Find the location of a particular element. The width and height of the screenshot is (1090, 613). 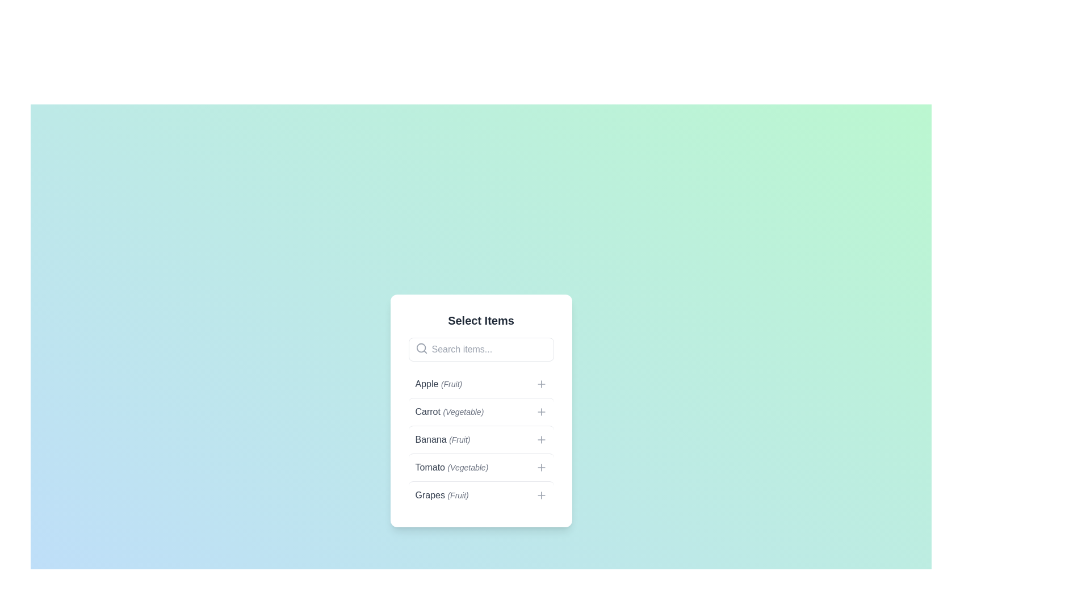

the text label displaying '(Fruit)' which is positioned next to 'Grapes' in the lower-right segment of the 'Grapes (Fruit)' entry is located at coordinates (458, 494).